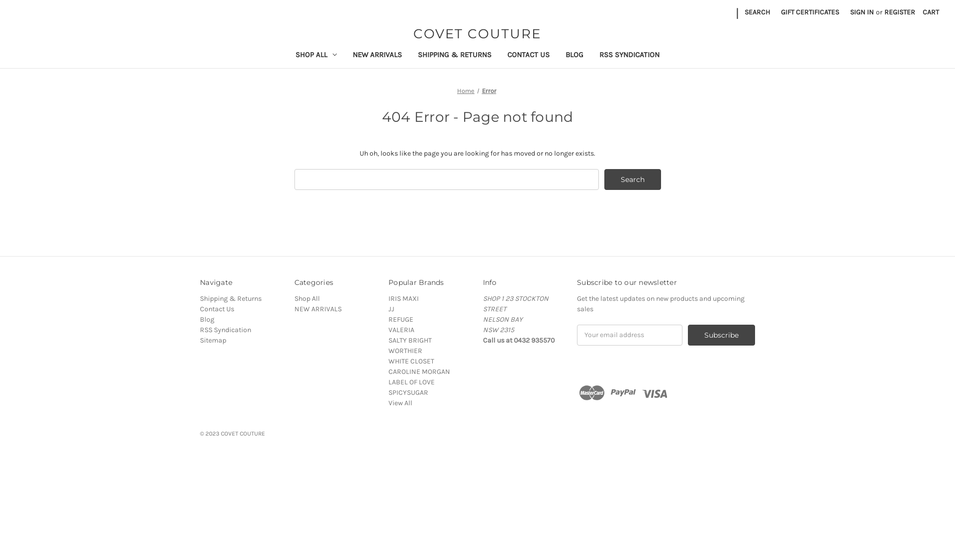 This screenshot has width=955, height=537. Describe the element at coordinates (721, 335) in the screenshot. I see `'Subscribe'` at that location.